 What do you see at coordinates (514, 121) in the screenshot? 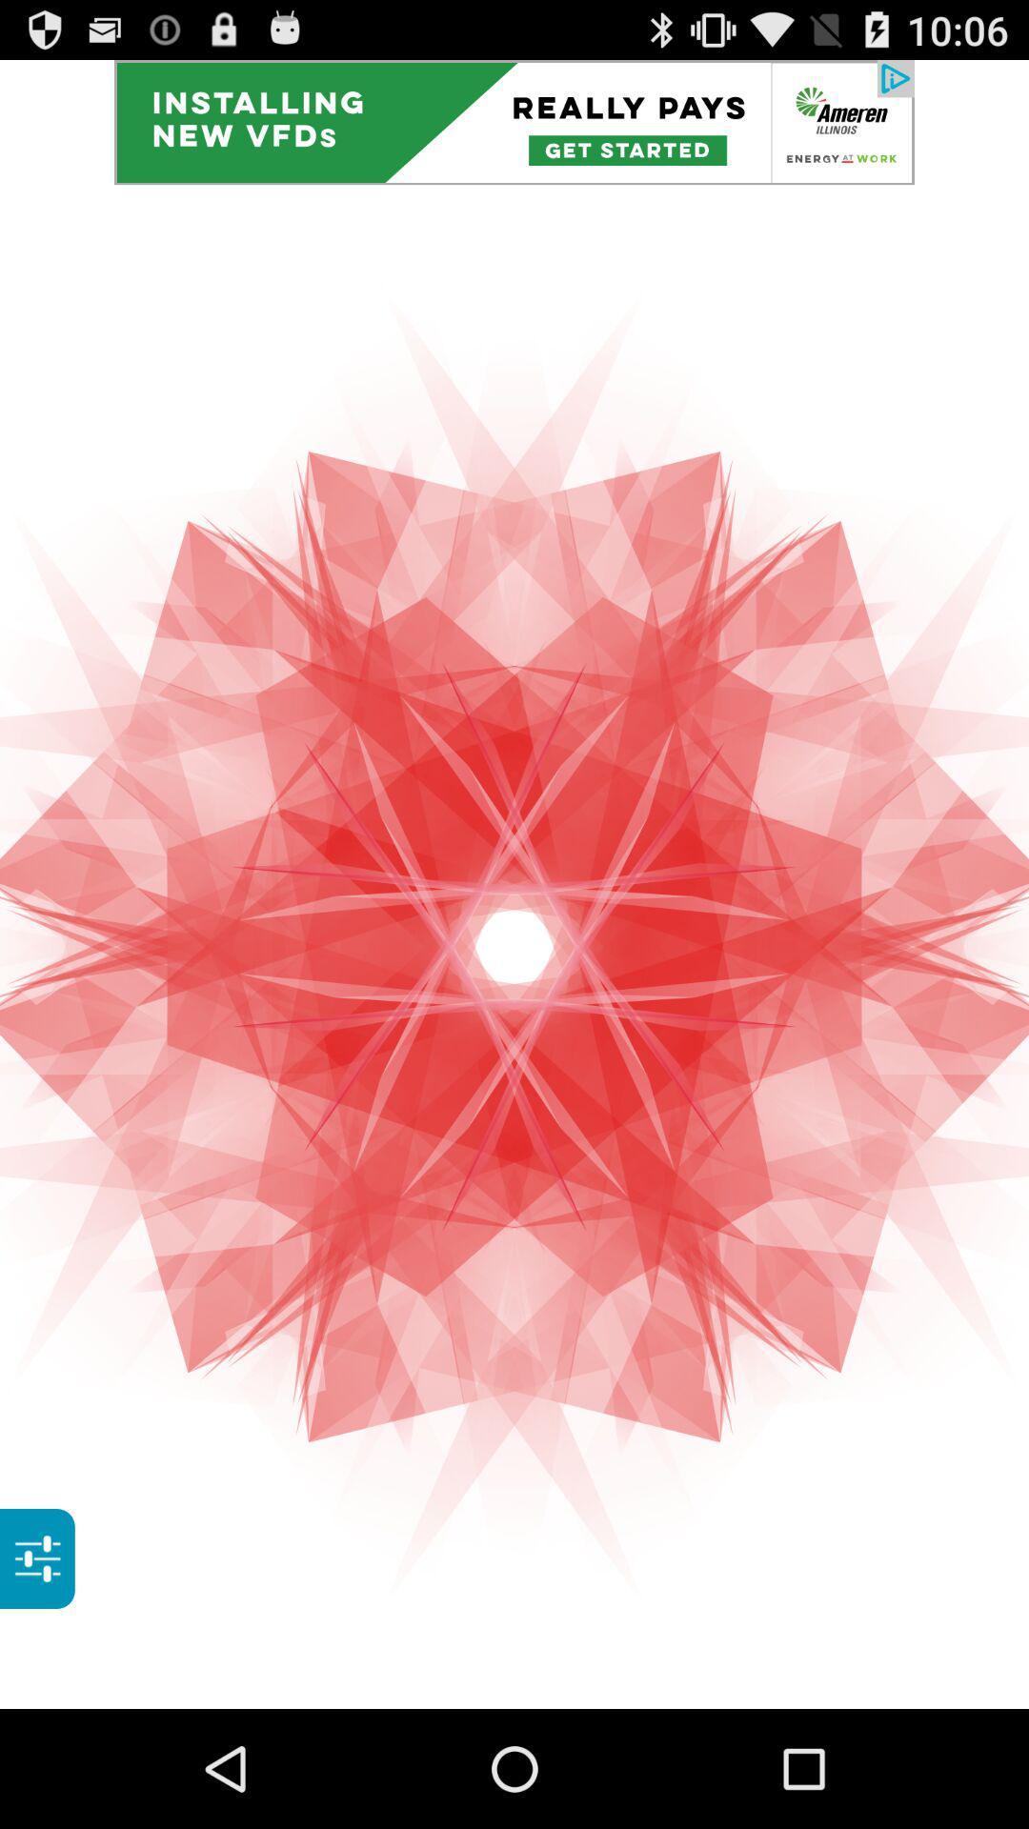
I see `install the app` at bounding box center [514, 121].